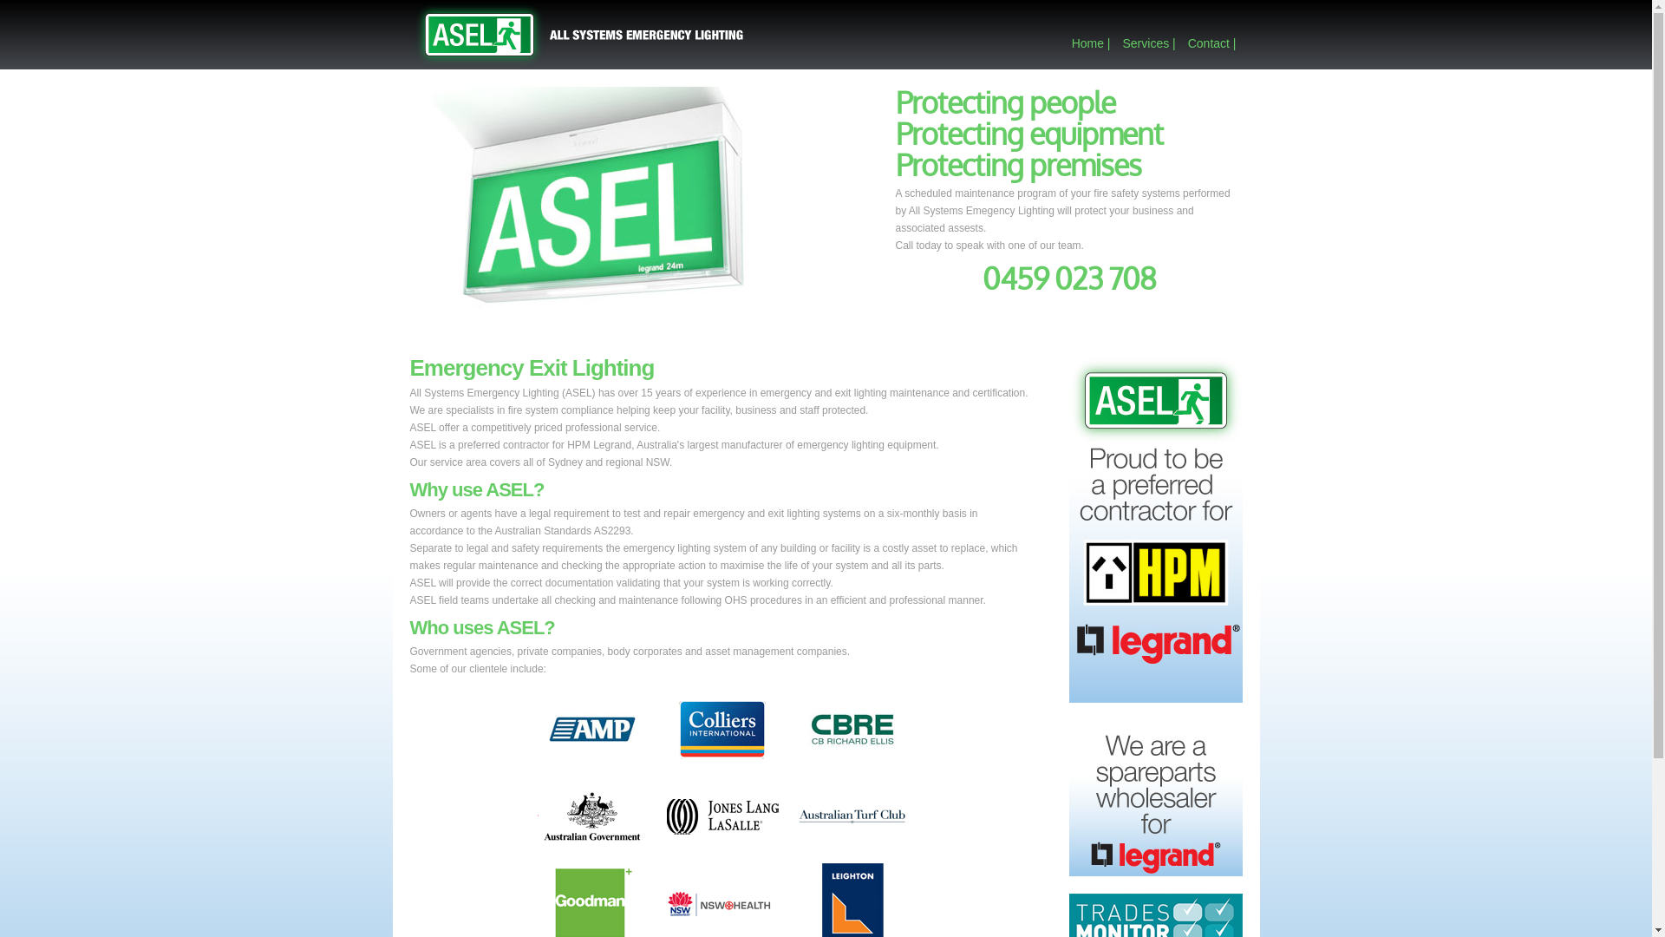 Image resolution: width=1665 pixels, height=937 pixels. What do you see at coordinates (1090, 43) in the screenshot?
I see `'Home |'` at bounding box center [1090, 43].